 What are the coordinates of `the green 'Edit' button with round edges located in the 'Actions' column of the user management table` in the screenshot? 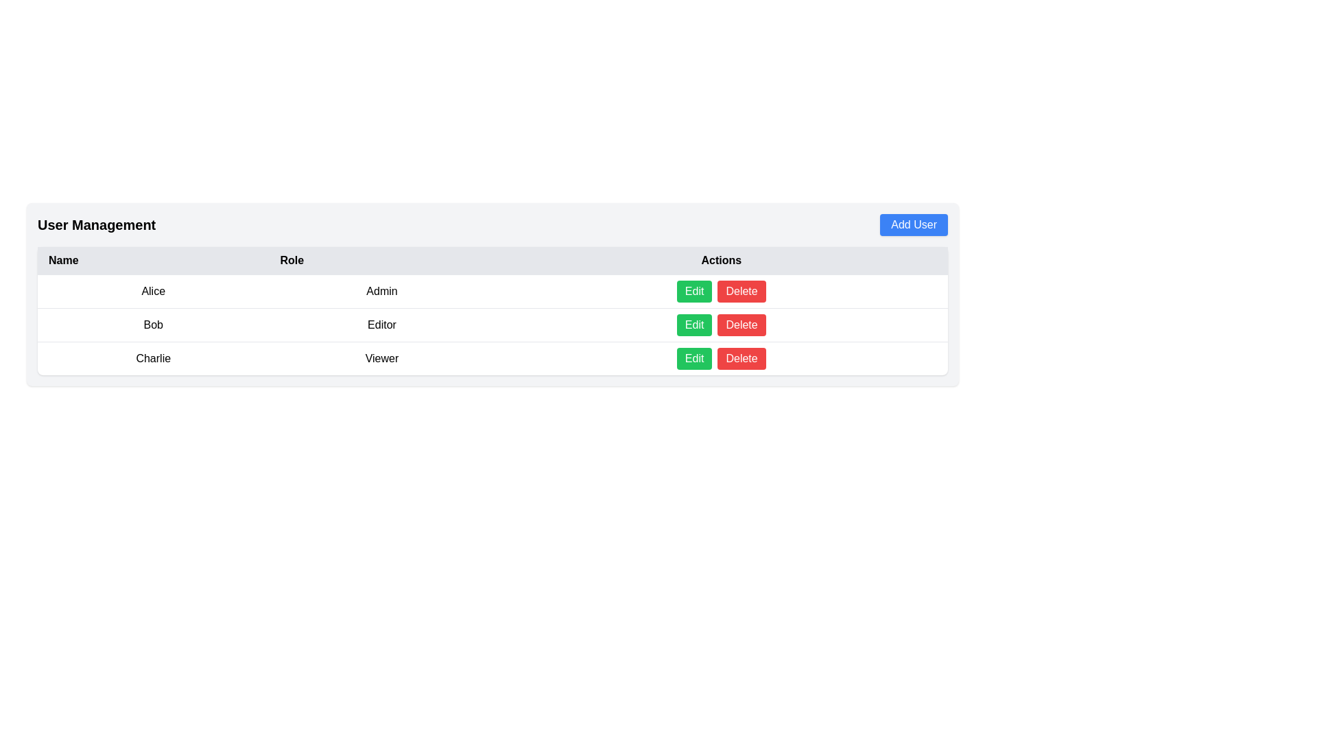 It's located at (694, 290).